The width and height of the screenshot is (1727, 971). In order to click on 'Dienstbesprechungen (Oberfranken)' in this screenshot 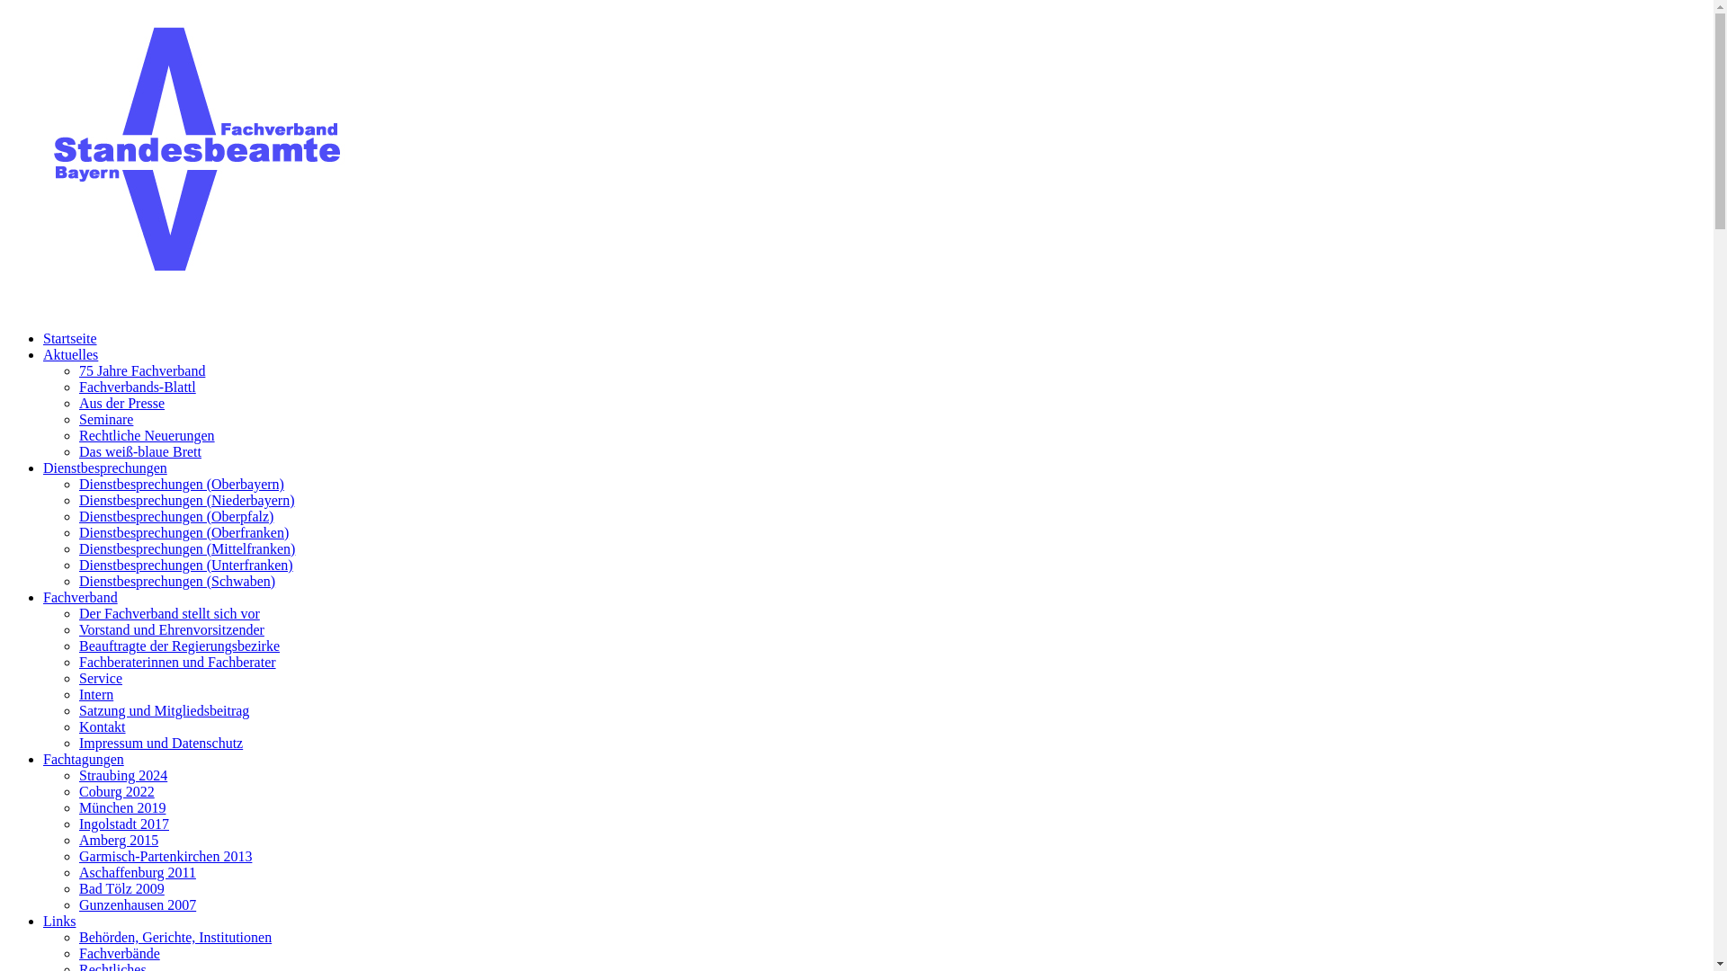, I will do `click(183, 531)`.